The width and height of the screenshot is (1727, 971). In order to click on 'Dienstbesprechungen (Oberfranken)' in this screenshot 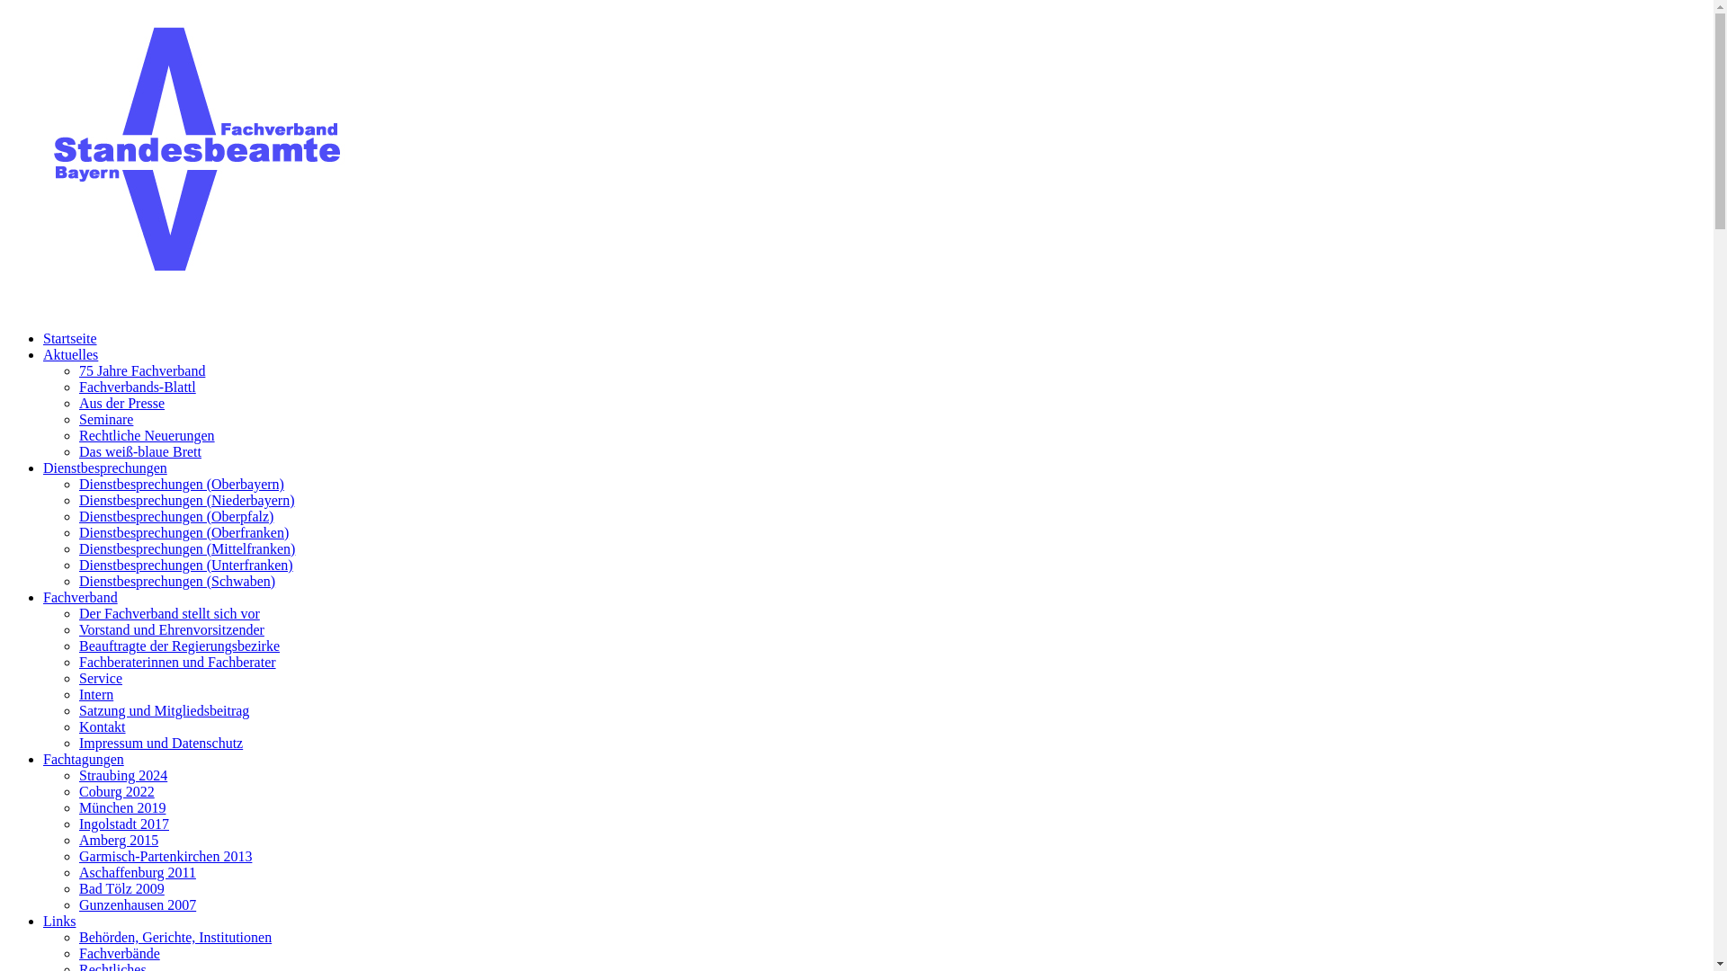, I will do `click(183, 531)`.